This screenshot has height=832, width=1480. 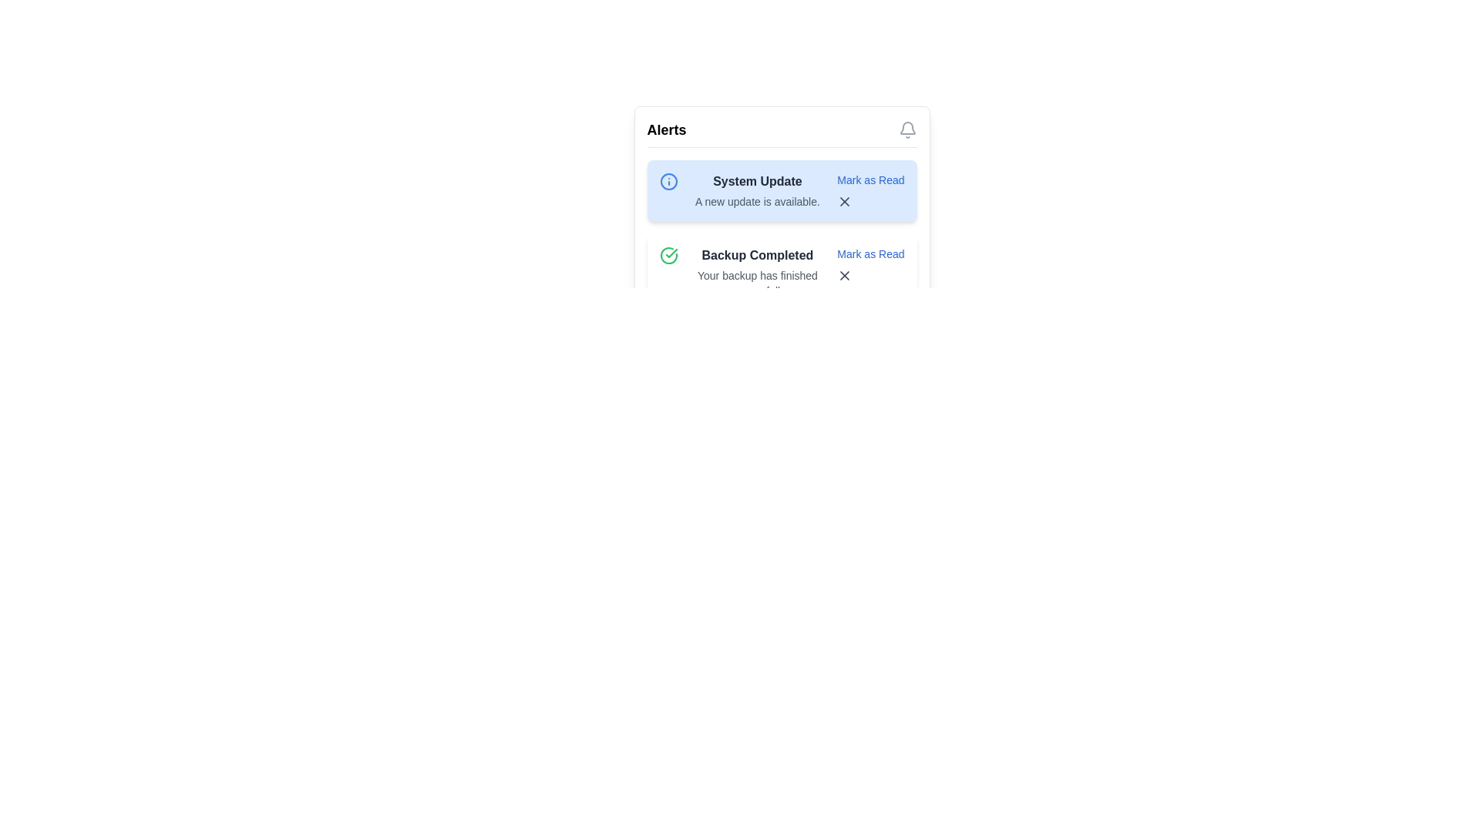 What do you see at coordinates (668, 254) in the screenshot?
I see `the green circular segment icon located next to the text 'Backup Completed' in the second alert entry` at bounding box center [668, 254].